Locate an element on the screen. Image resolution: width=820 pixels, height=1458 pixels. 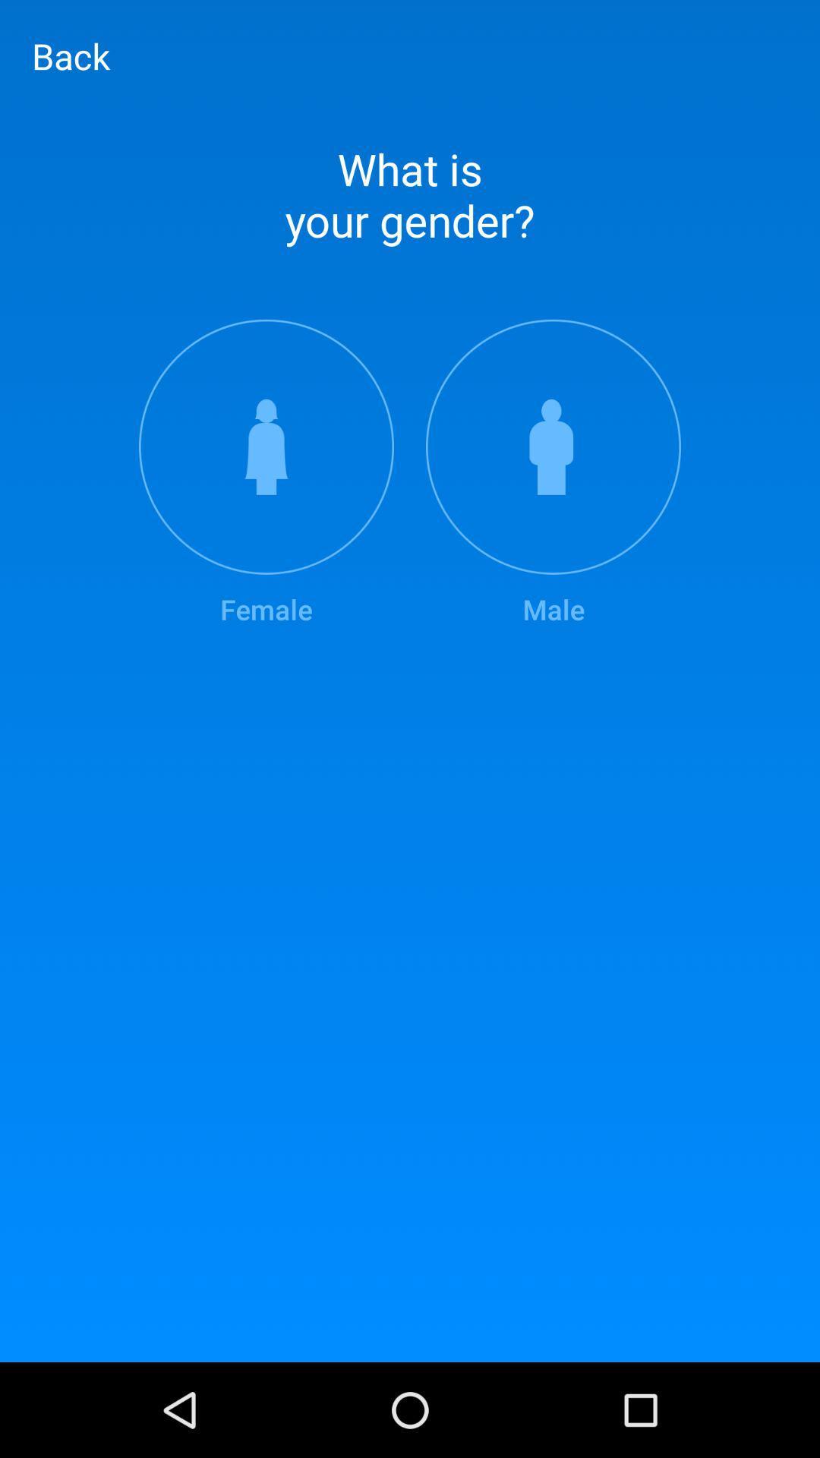
item above what is your is located at coordinates (71, 55).